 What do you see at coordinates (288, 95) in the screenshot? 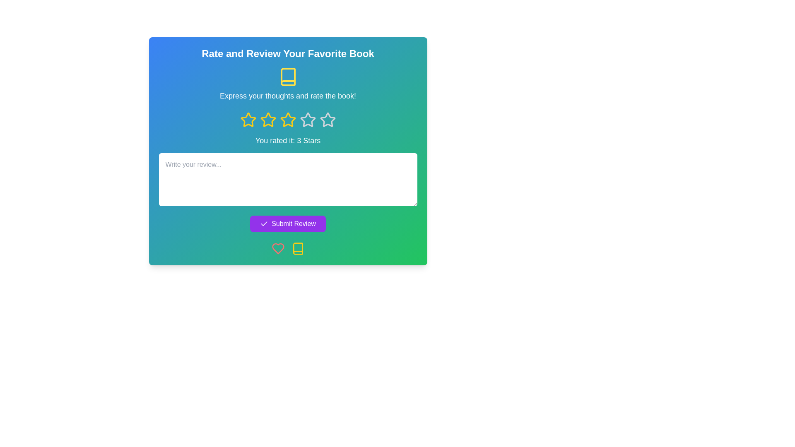
I see `the static text label displaying 'Express your thoughts and rate the book!' which is centrally located beneath a yellow book icon` at bounding box center [288, 95].